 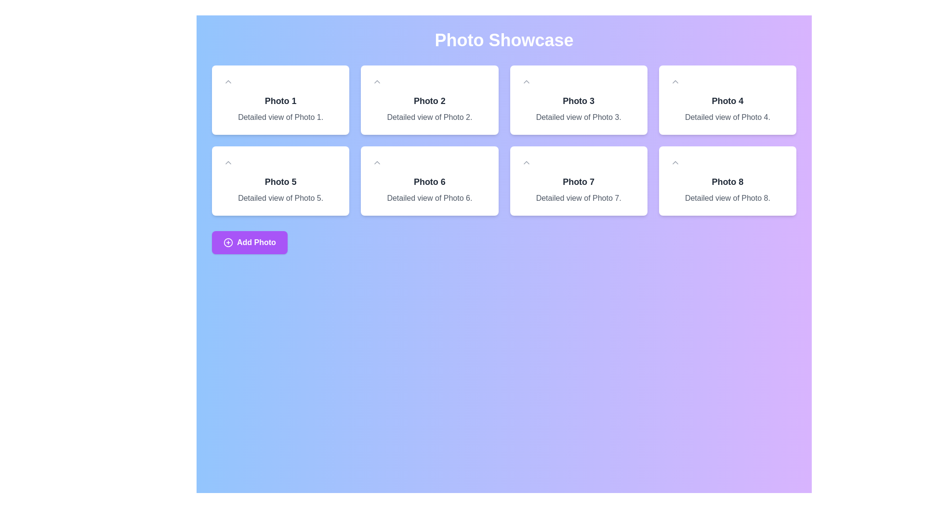 What do you see at coordinates (377, 162) in the screenshot?
I see `the interactive control icon located in the top-left area of the card labeled 'Photo 6'` at bounding box center [377, 162].